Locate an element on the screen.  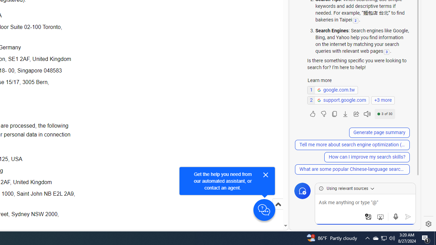
'Scroll to top' is located at coordinates (278, 211).